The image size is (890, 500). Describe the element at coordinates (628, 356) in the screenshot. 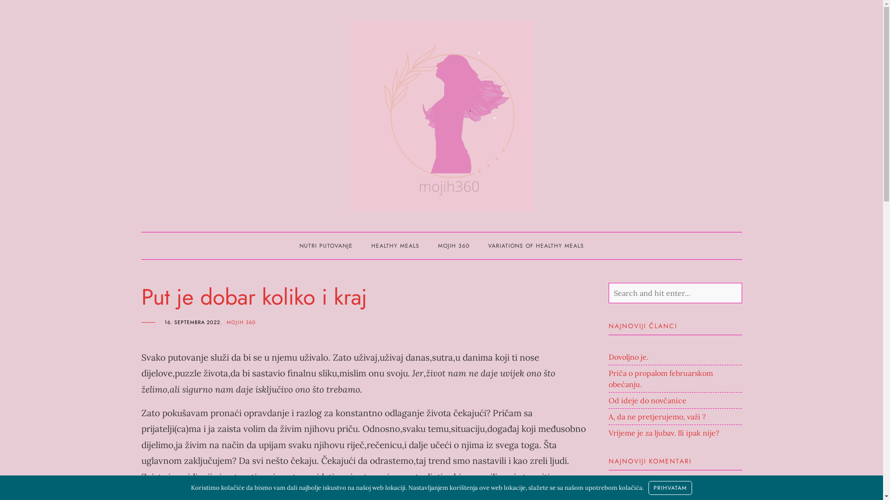

I see `'Dovoljno je.'` at that location.